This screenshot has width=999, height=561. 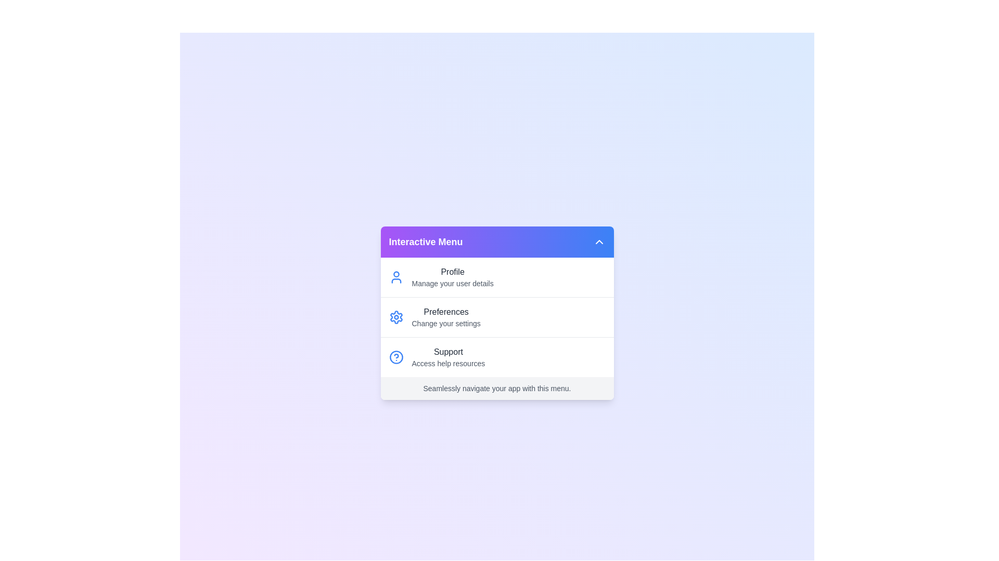 I want to click on the menu item Support, so click(x=496, y=356).